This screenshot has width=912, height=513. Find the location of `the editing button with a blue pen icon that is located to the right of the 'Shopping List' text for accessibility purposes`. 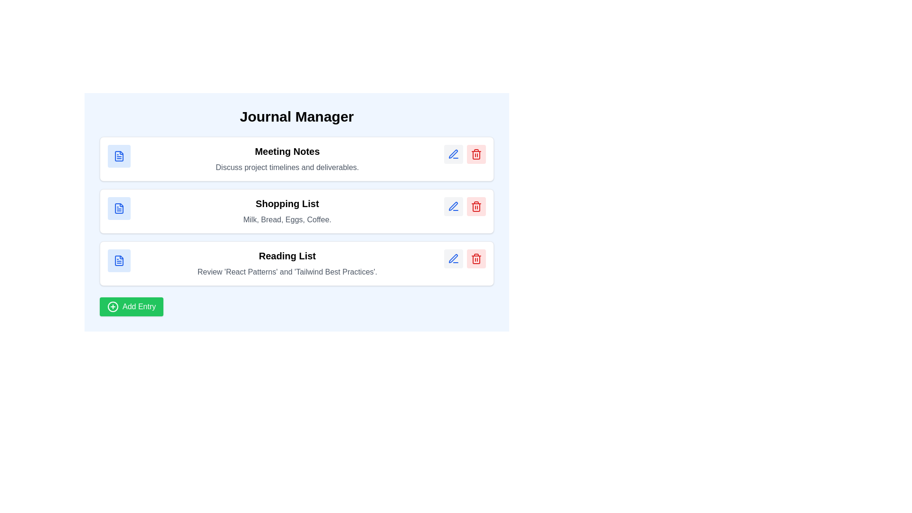

the editing button with a blue pen icon that is located to the right of the 'Shopping List' text for accessibility purposes is located at coordinates (453, 206).